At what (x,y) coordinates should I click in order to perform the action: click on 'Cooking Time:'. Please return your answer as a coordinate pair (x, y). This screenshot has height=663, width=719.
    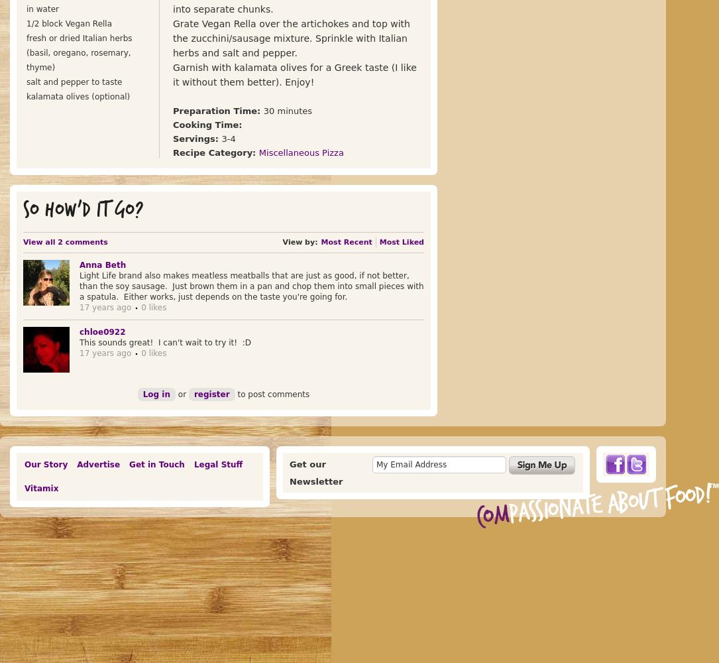
    Looking at the image, I should click on (172, 125).